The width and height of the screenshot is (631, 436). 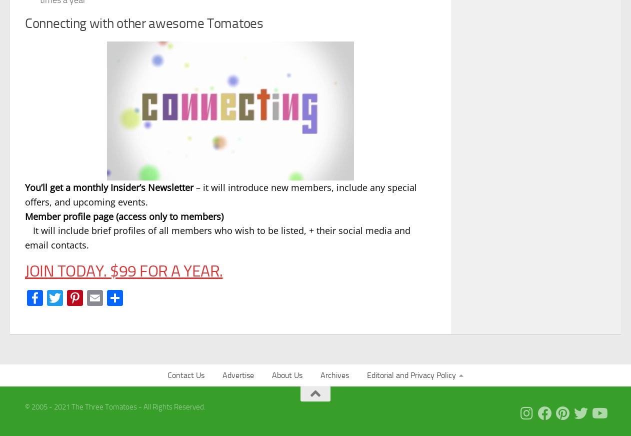 I want to click on 'Member profile page (access only to members)', so click(x=123, y=215).